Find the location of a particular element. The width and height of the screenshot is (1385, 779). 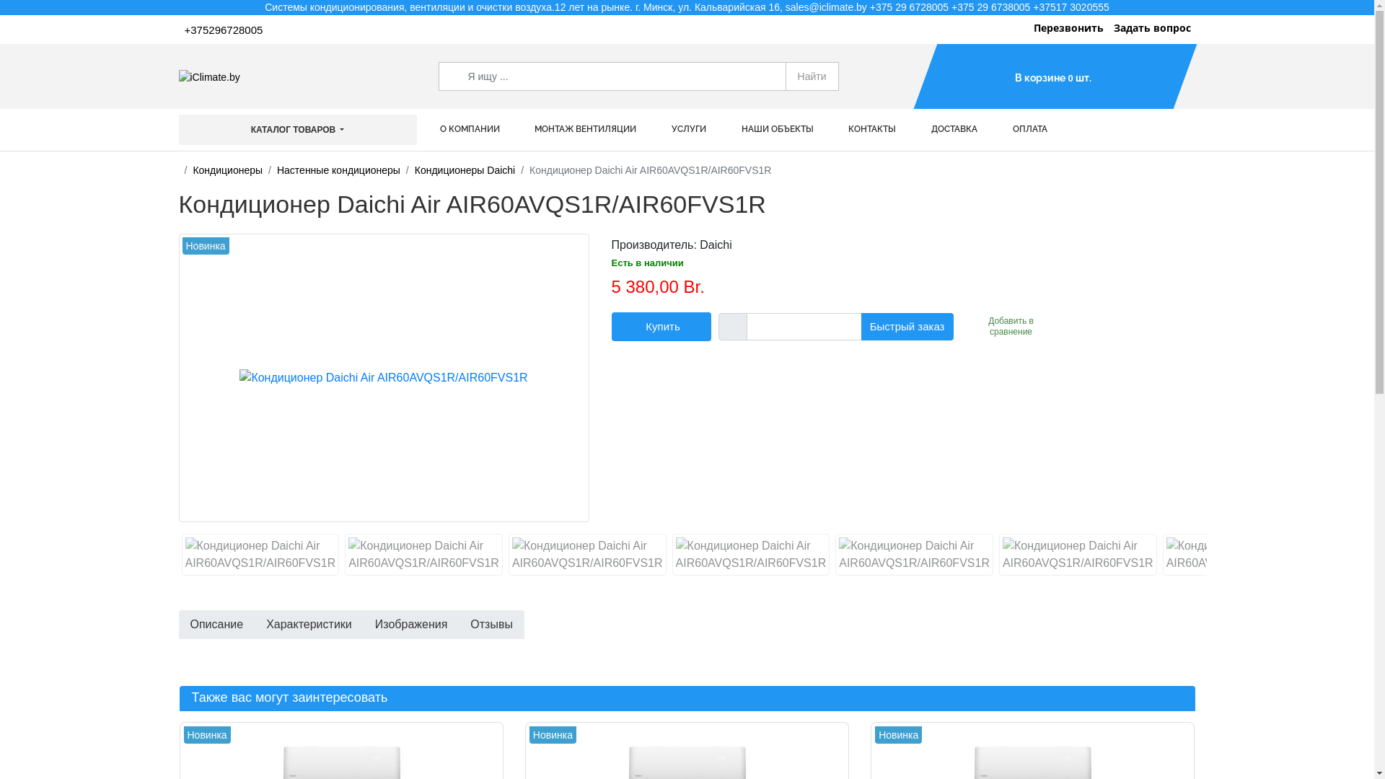

'+375296728005' is located at coordinates (224, 30).